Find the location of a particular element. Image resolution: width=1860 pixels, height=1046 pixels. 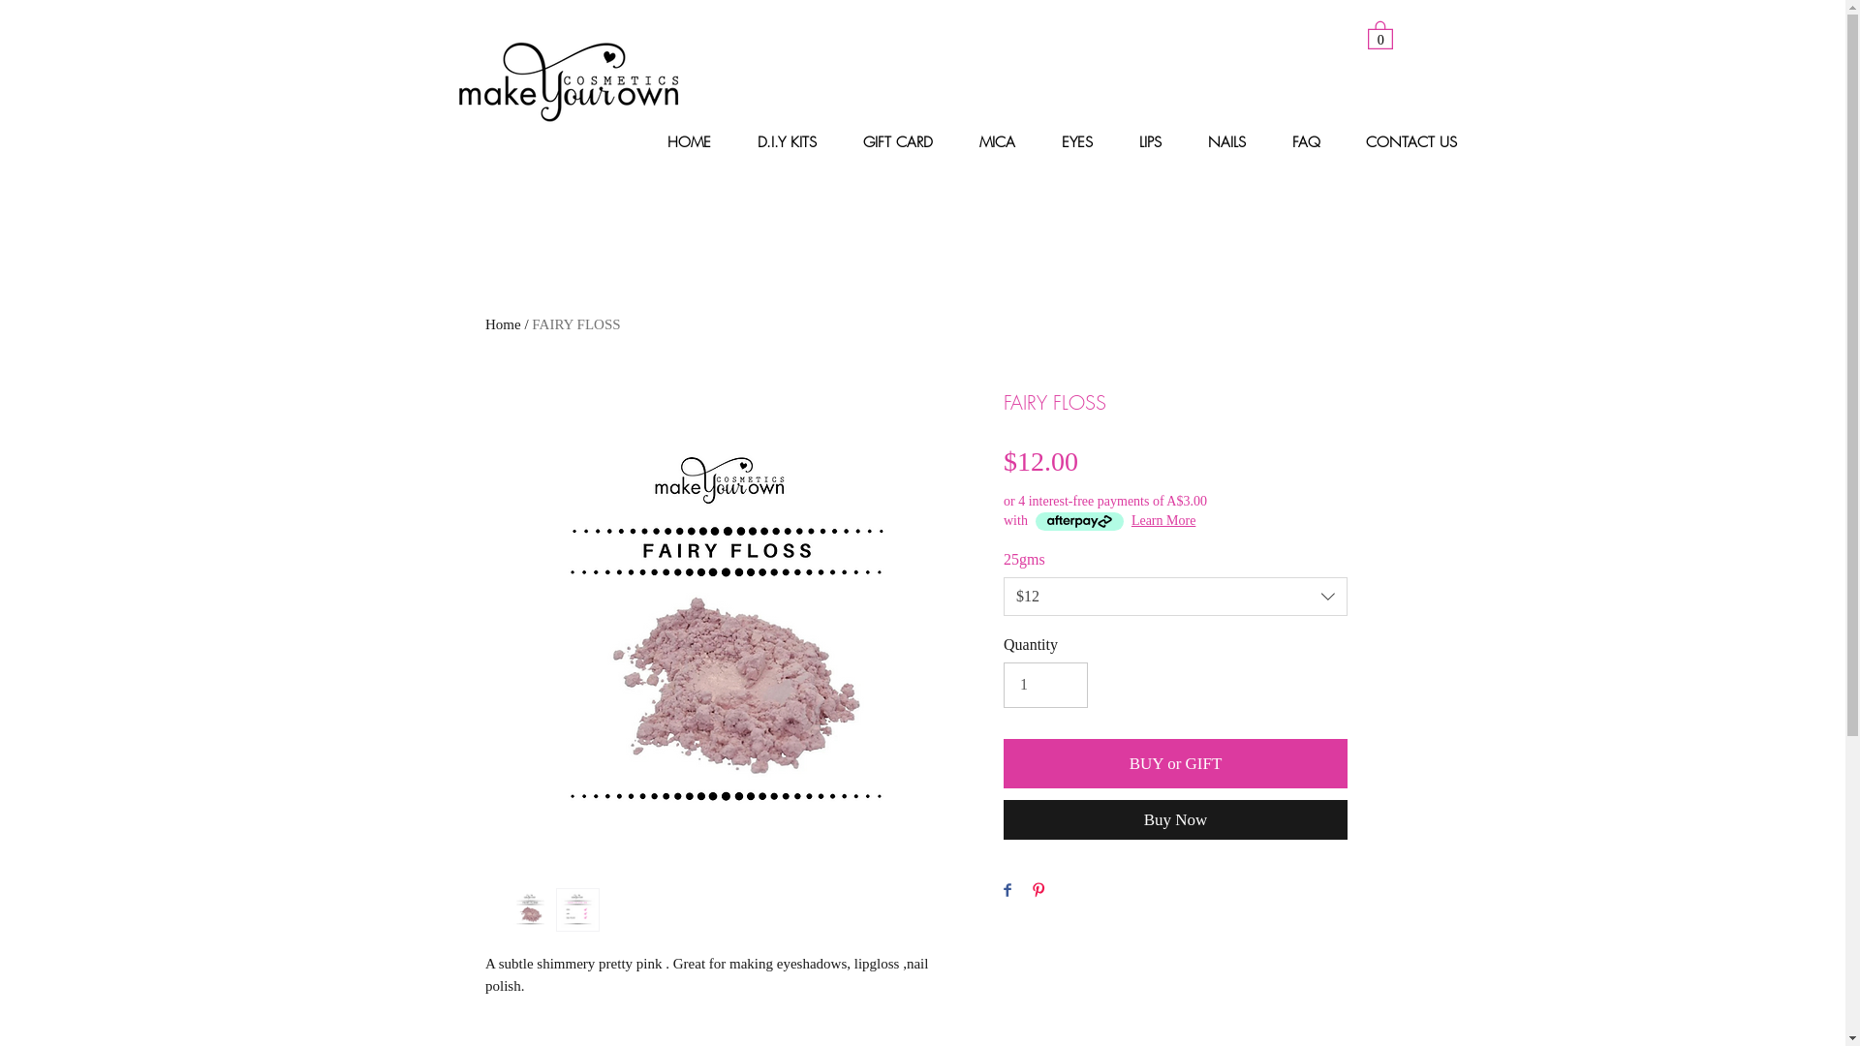

'NAILS' is located at coordinates (1234, 141).